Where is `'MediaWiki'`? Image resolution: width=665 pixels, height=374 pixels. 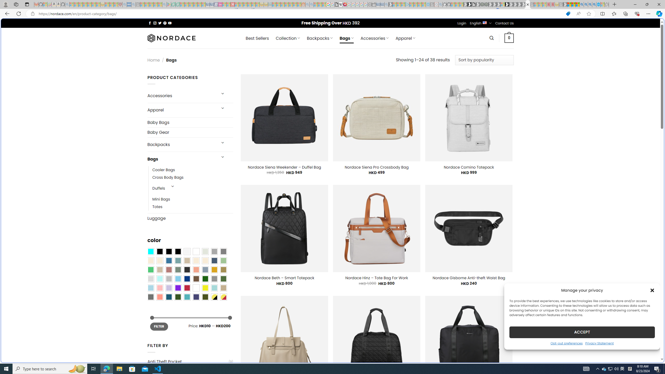
'MediaWiki' is located at coordinates (344, 4).